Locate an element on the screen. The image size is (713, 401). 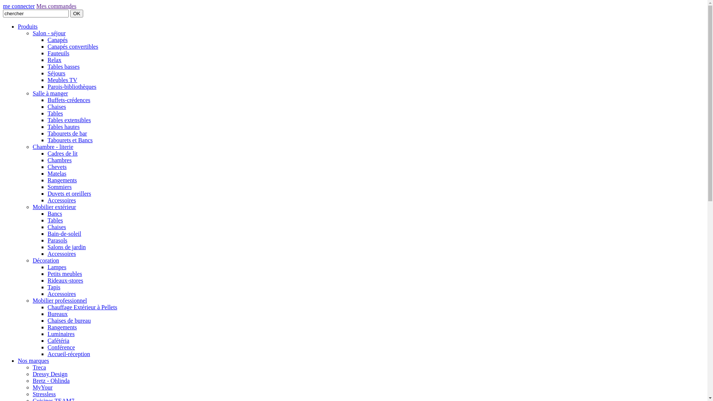
'Bancs' is located at coordinates (47, 213).